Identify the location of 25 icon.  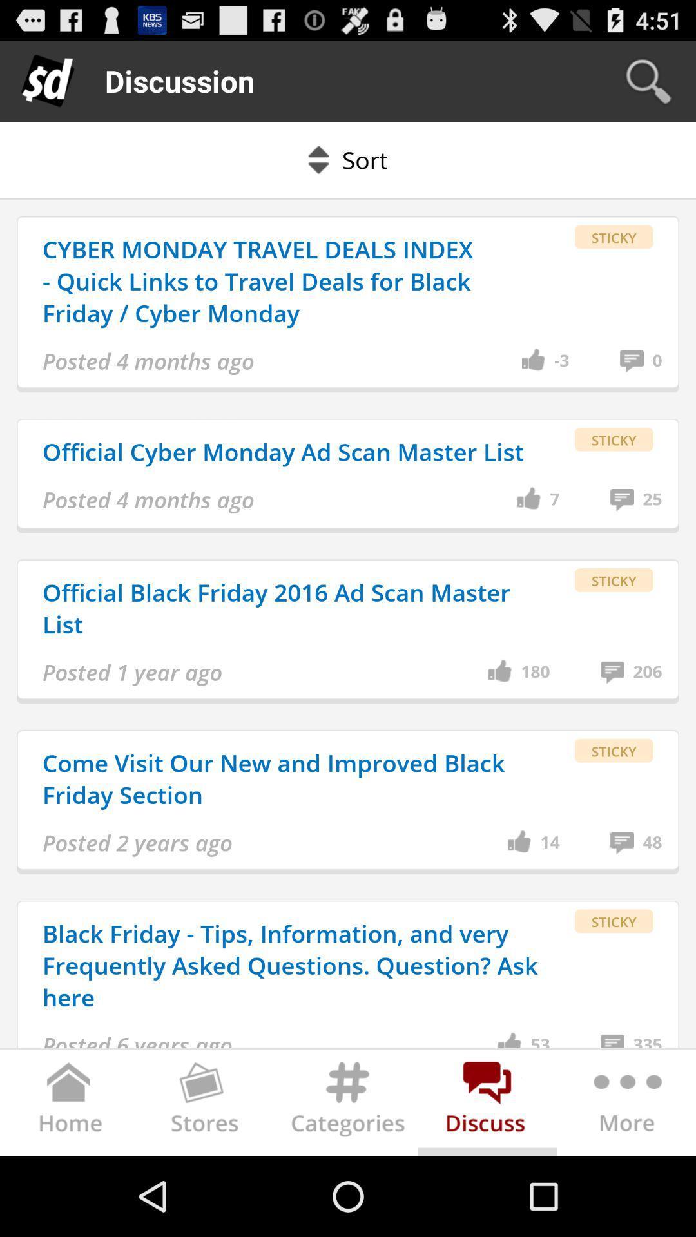
(652, 499).